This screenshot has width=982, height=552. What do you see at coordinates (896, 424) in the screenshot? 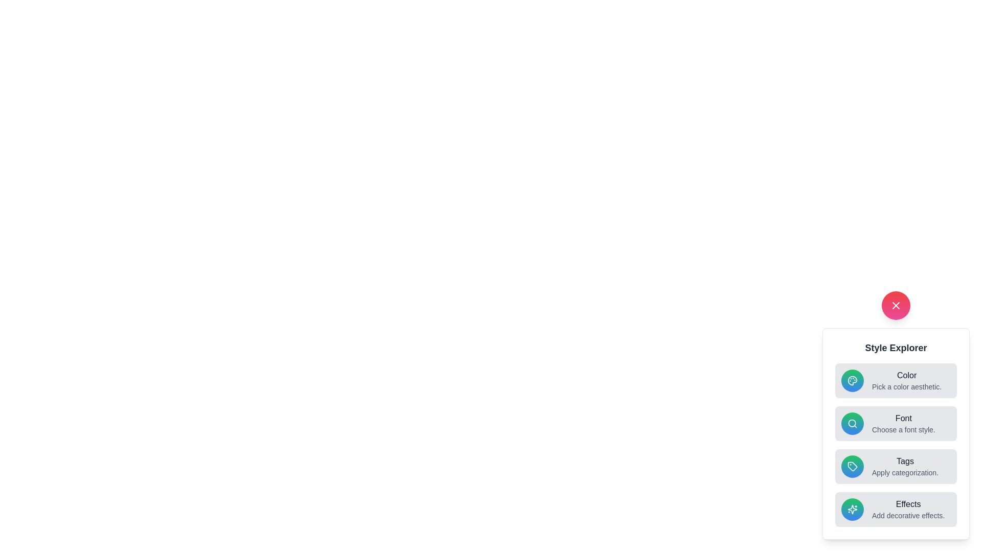
I see `the style option labeled Font to view its hover effect` at bounding box center [896, 424].